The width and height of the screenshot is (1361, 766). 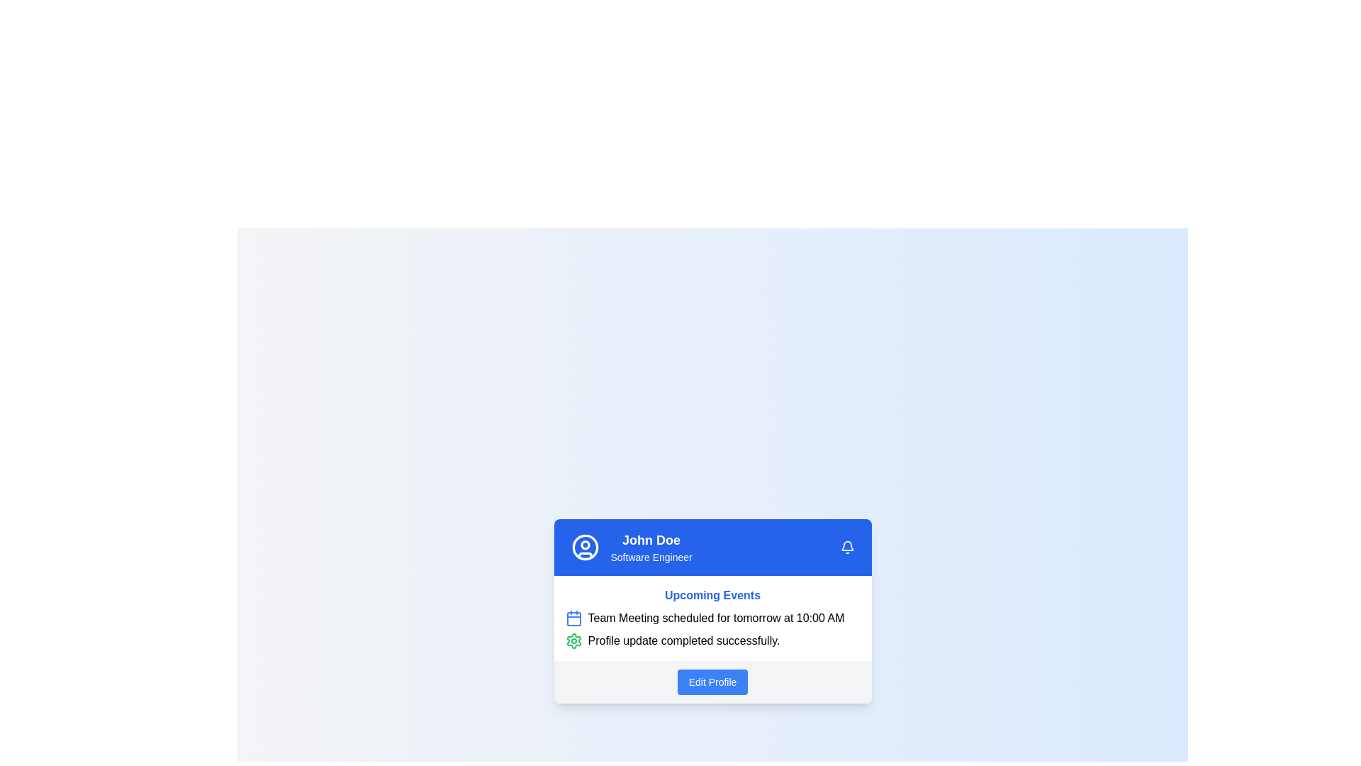 What do you see at coordinates (651, 540) in the screenshot?
I see `text content of the bold label 'John Doe' located at the top of the profile card with a blue background` at bounding box center [651, 540].